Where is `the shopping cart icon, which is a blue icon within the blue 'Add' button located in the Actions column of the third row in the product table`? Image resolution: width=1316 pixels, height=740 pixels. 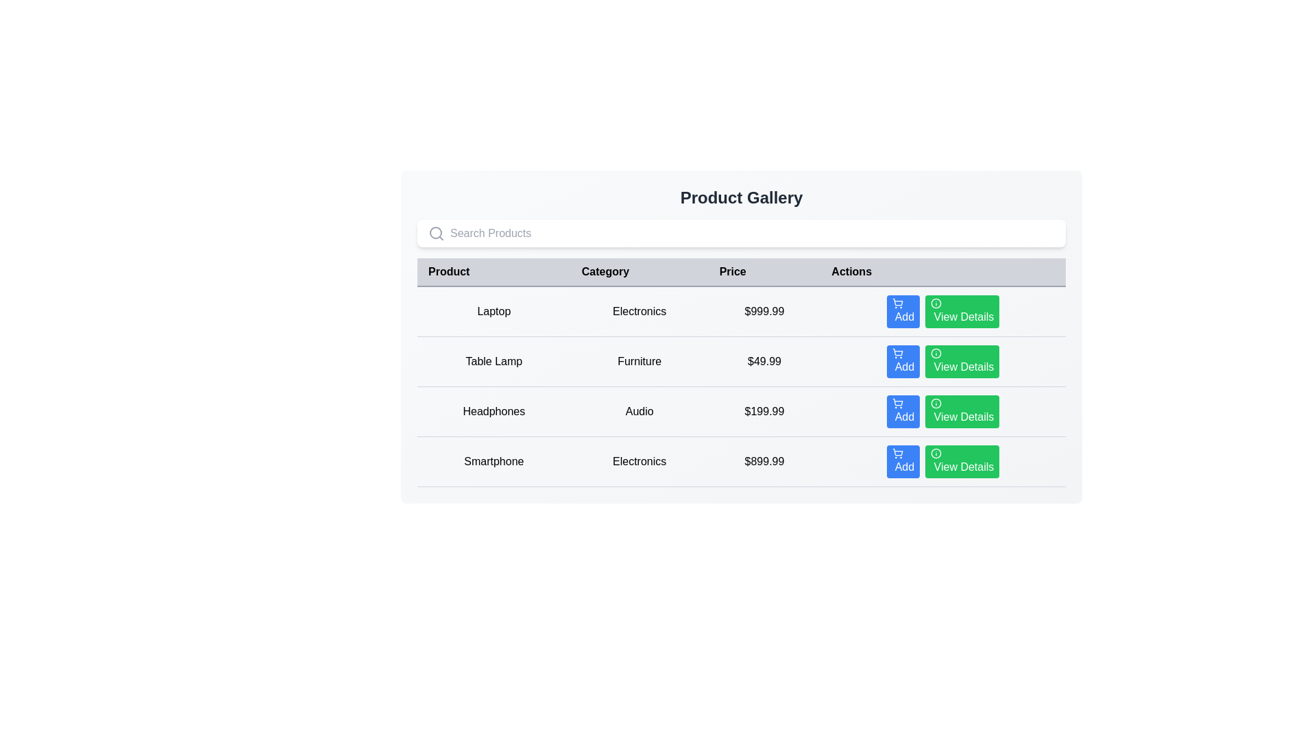 the shopping cart icon, which is a blue icon within the blue 'Add' button located in the Actions column of the third row in the product table is located at coordinates (898, 403).